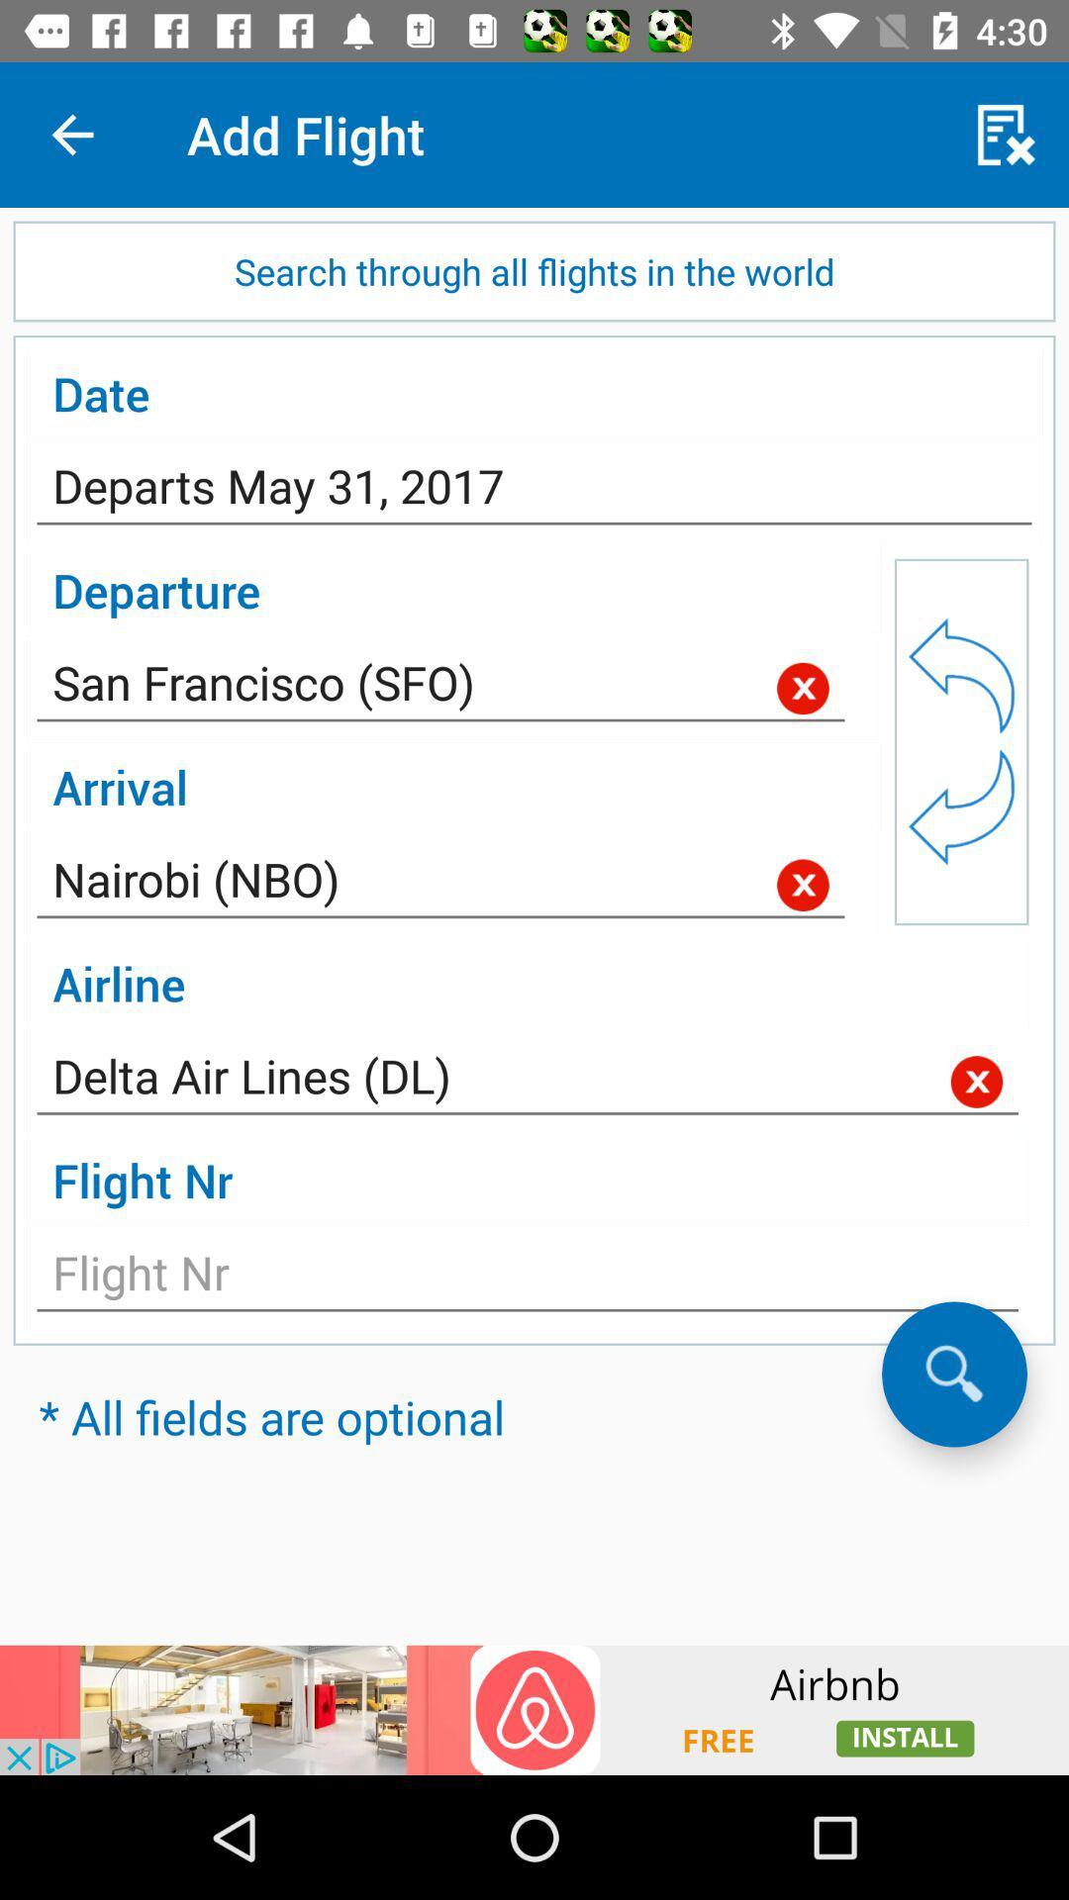 The width and height of the screenshot is (1069, 1900). I want to click on the search icon, so click(953, 1373).